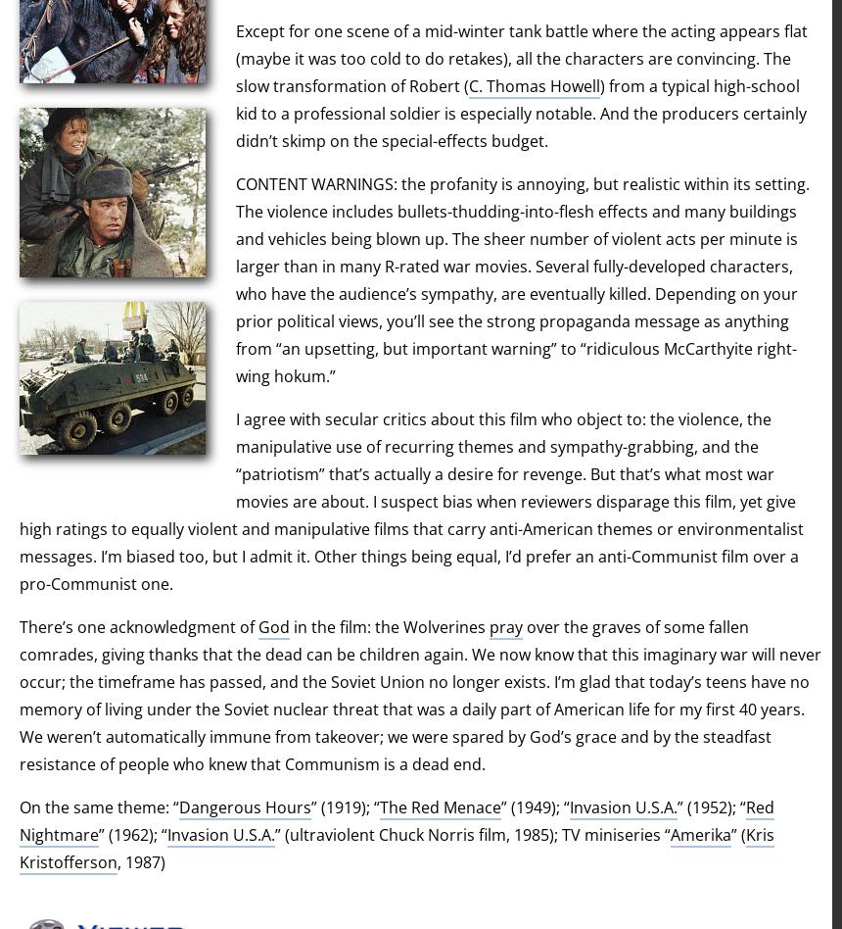 This screenshot has height=929, width=842. Describe the element at coordinates (535, 85) in the screenshot. I see `'C. Thomas Howell'` at that location.